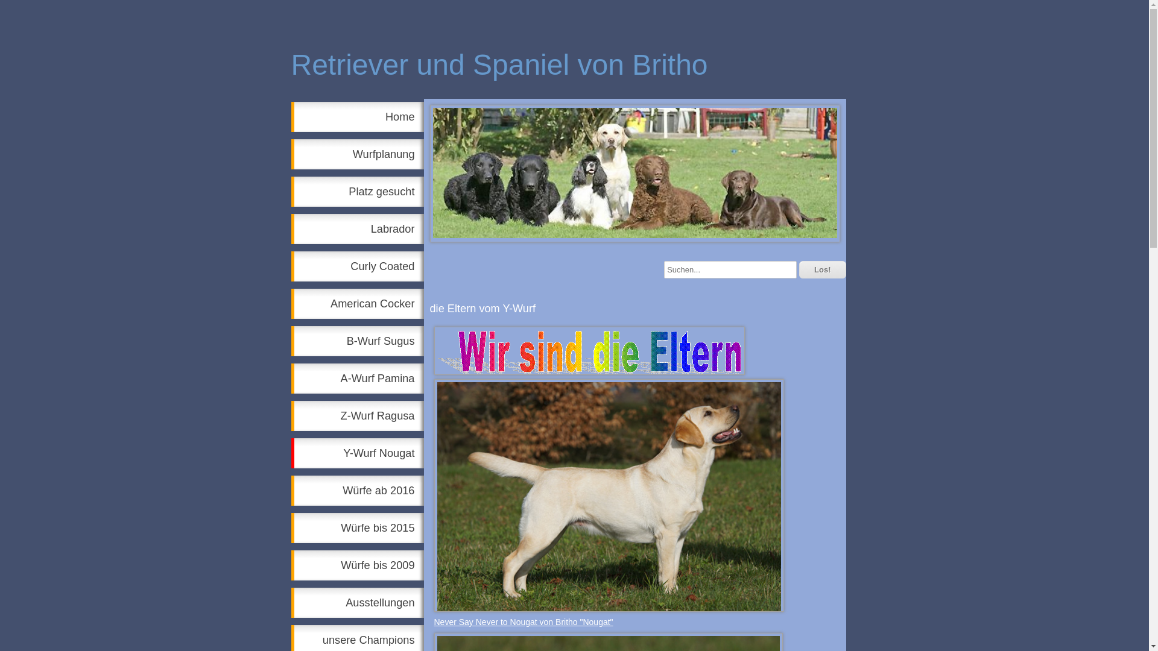  Describe the element at coordinates (356, 116) in the screenshot. I see `'Home'` at that location.